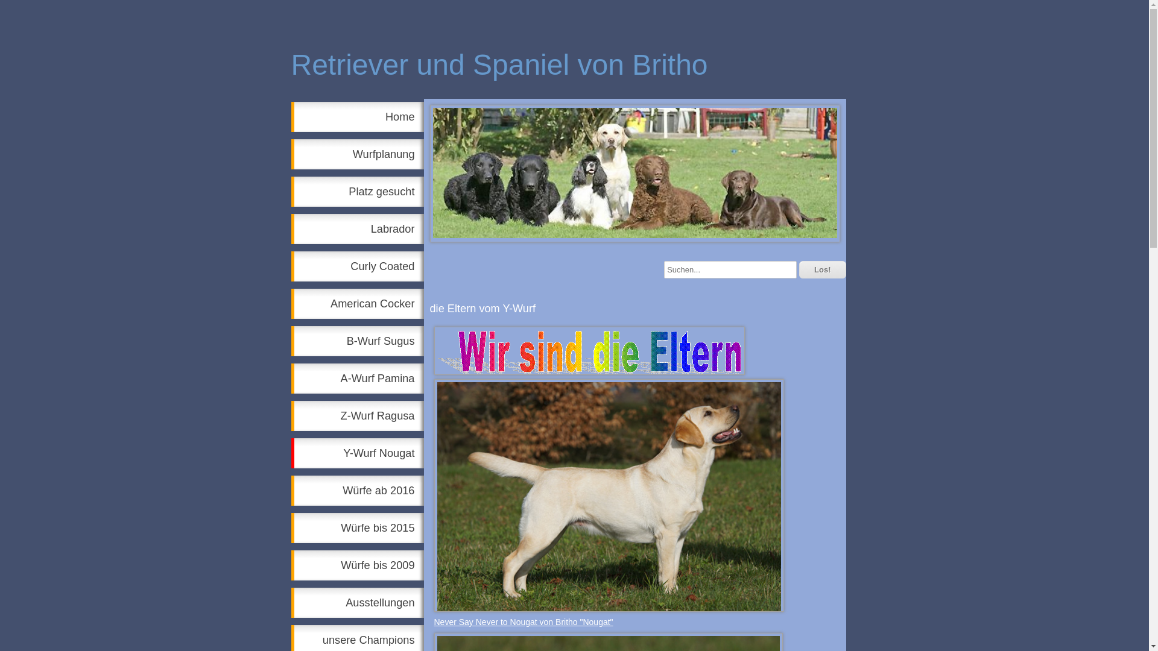  Describe the element at coordinates (356, 116) in the screenshot. I see `'Home'` at that location.